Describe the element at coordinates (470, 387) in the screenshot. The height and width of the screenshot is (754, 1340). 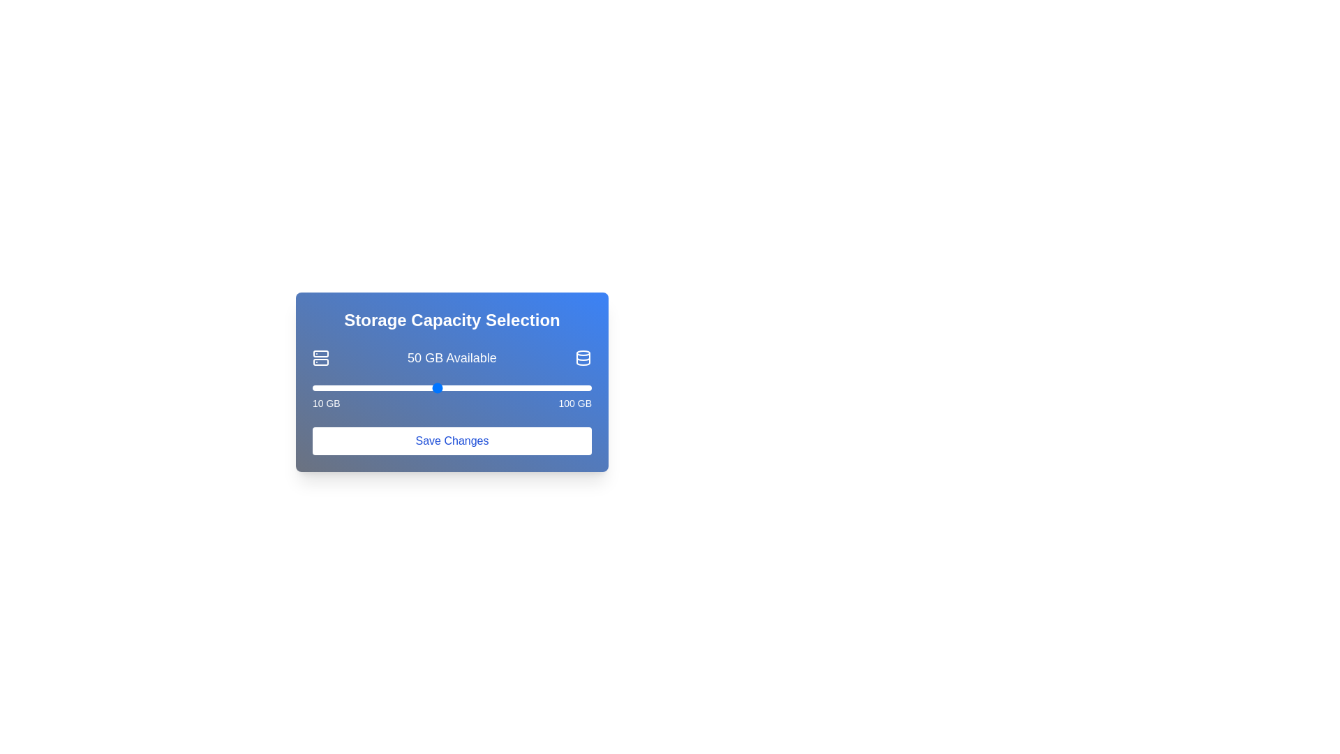
I see `the storage slider to set the storage capacity to 61 GB` at that location.